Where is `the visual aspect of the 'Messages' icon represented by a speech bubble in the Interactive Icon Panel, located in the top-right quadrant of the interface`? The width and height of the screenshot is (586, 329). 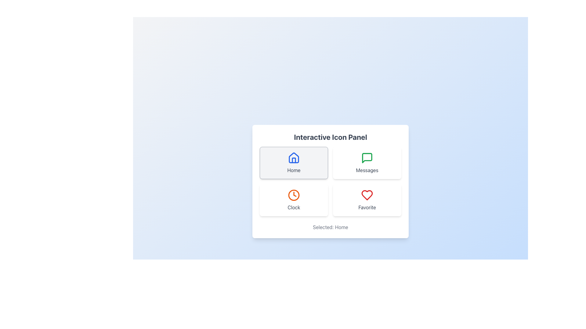
the visual aspect of the 'Messages' icon represented by a speech bubble in the Interactive Icon Panel, located in the top-right quadrant of the interface is located at coordinates (367, 158).